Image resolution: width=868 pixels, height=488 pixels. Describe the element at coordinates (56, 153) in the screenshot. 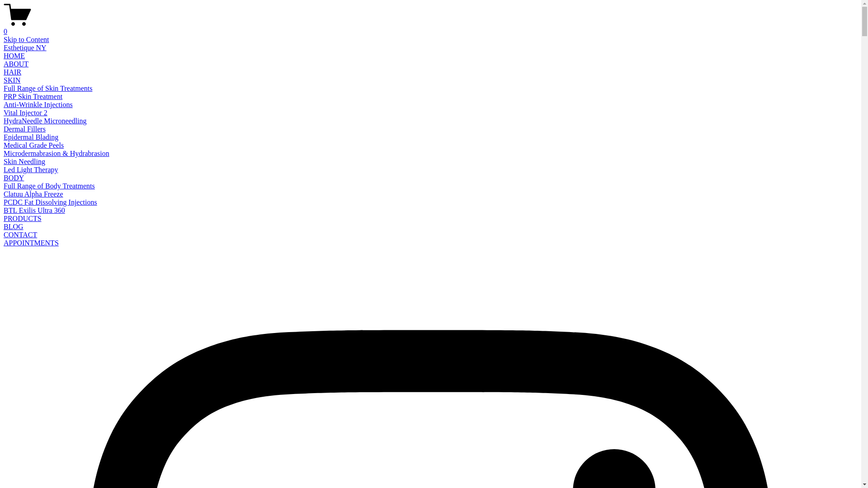

I see `'Microdermabrasion & Hydrabrasion'` at that location.